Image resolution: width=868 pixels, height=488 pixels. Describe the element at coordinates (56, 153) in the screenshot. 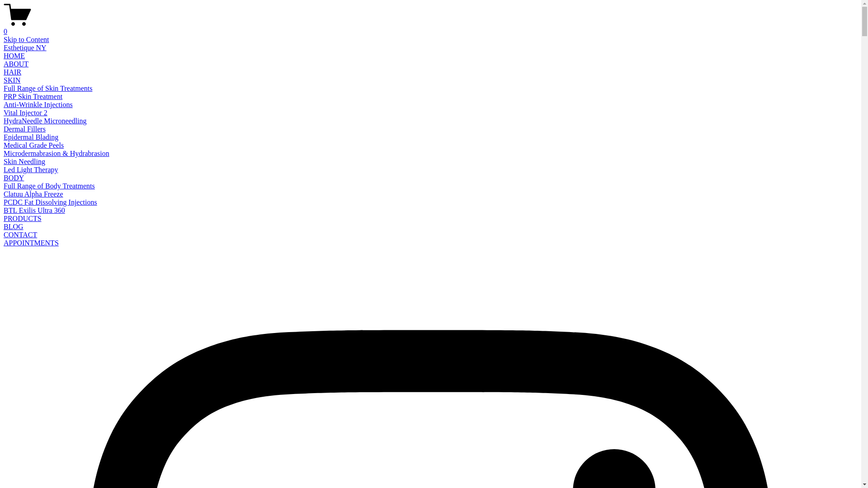

I see `'Microdermabrasion & Hydrabrasion'` at that location.